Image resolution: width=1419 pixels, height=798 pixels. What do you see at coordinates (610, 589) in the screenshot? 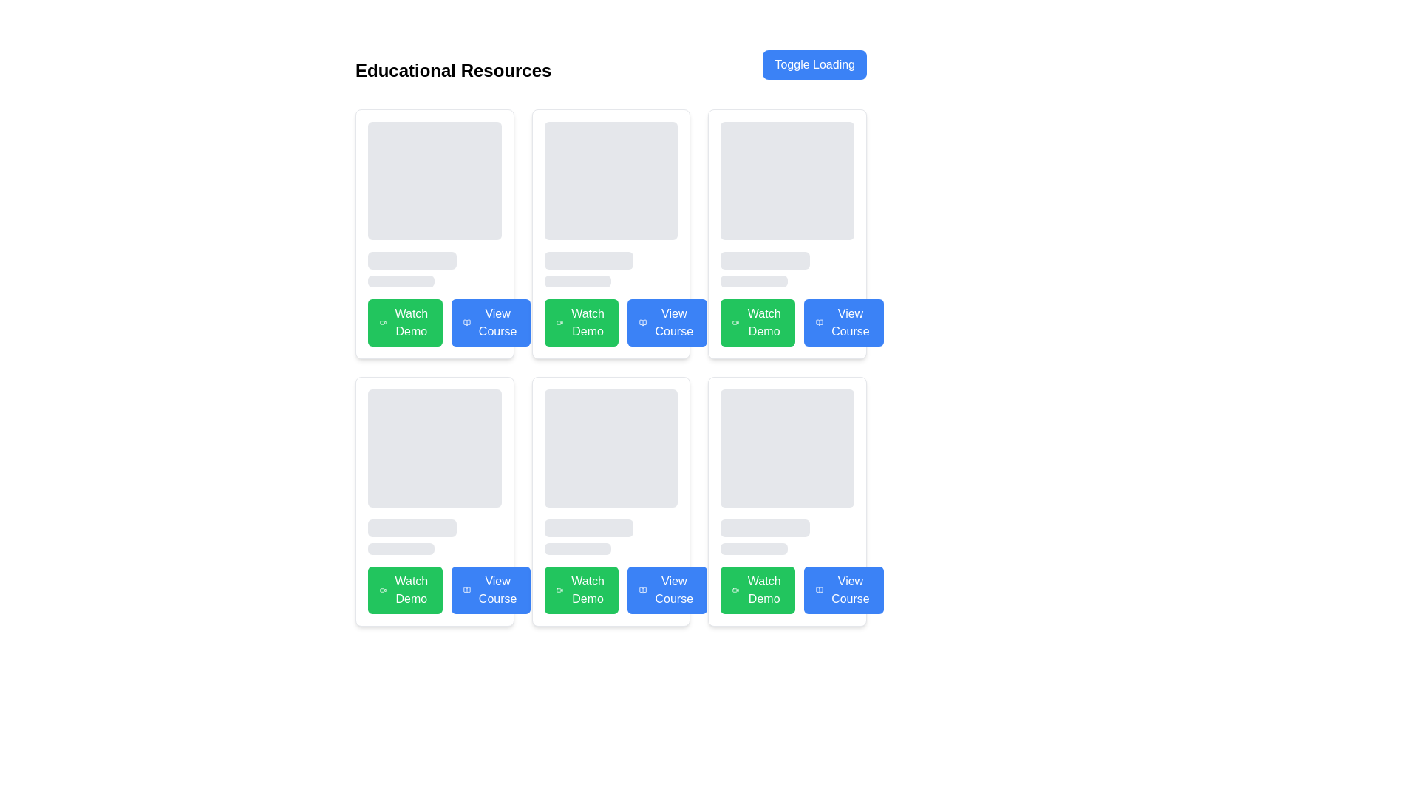
I see `the first button at the bottom of the card component` at bounding box center [610, 589].